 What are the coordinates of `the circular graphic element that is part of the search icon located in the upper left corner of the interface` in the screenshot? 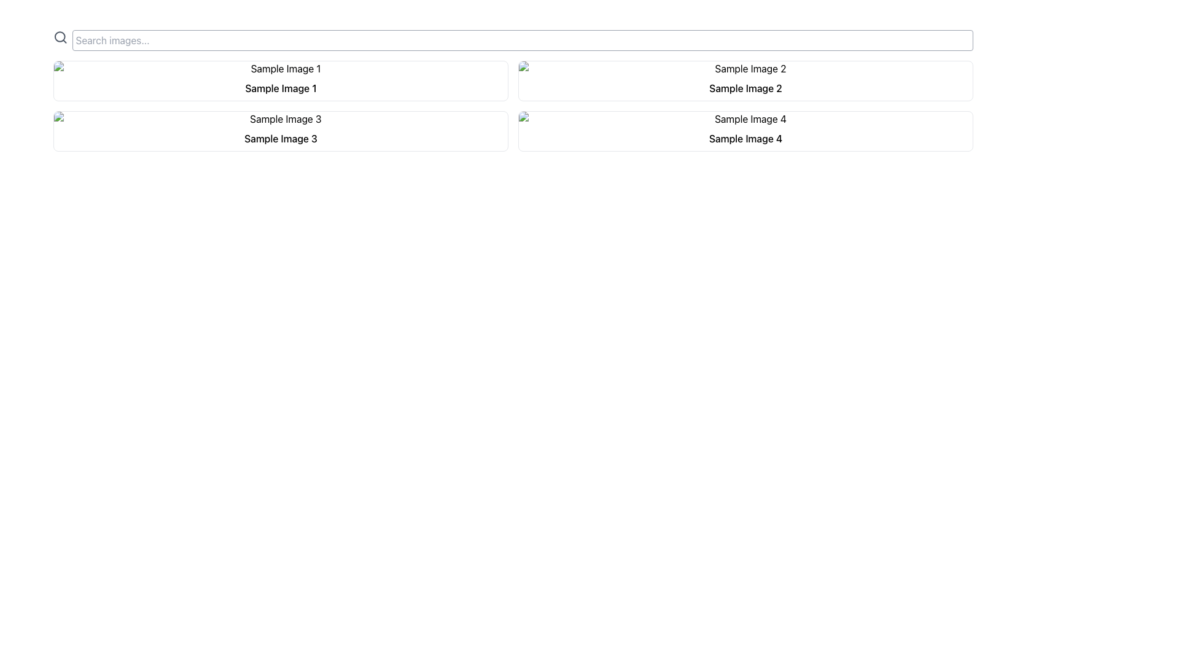 It's located at (59, 36).